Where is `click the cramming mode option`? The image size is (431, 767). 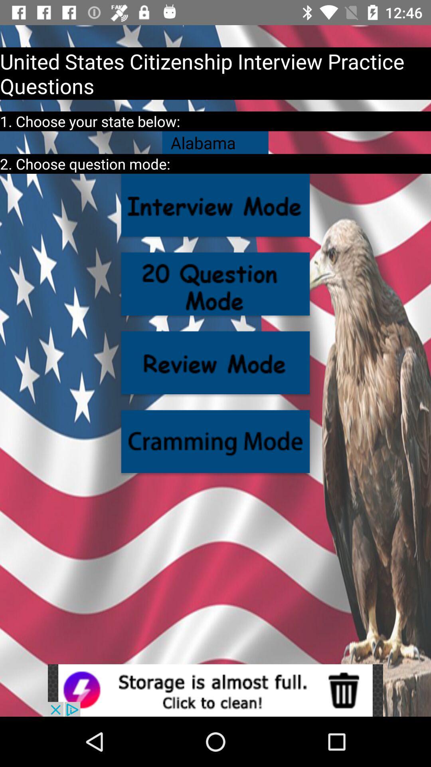 click the cramming mode option is located at coordinates (215, 441).